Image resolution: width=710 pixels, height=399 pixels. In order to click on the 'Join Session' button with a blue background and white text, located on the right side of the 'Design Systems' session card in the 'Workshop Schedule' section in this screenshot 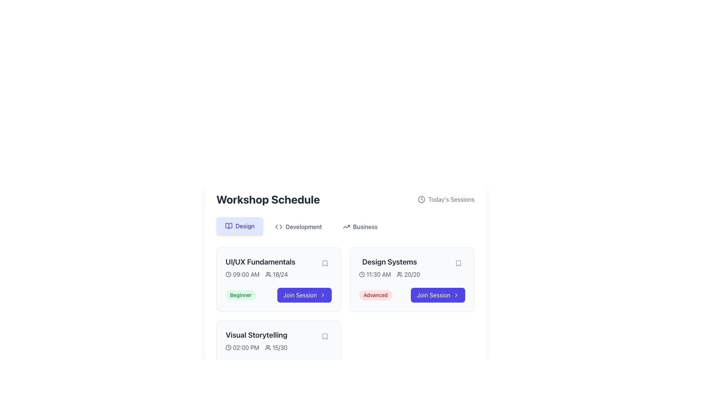, I will do `click(438, 294)`.